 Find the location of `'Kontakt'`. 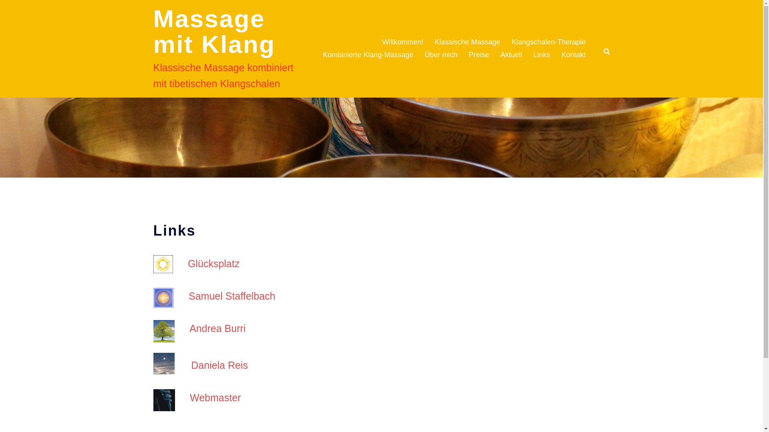

'Kontakt' is located at coordinates (573, 55).